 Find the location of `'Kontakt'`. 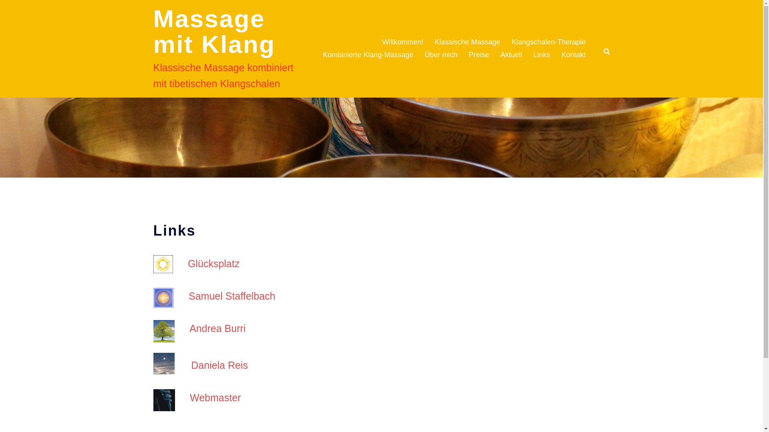

'Kontakt' is located at coordinates (573, 55).